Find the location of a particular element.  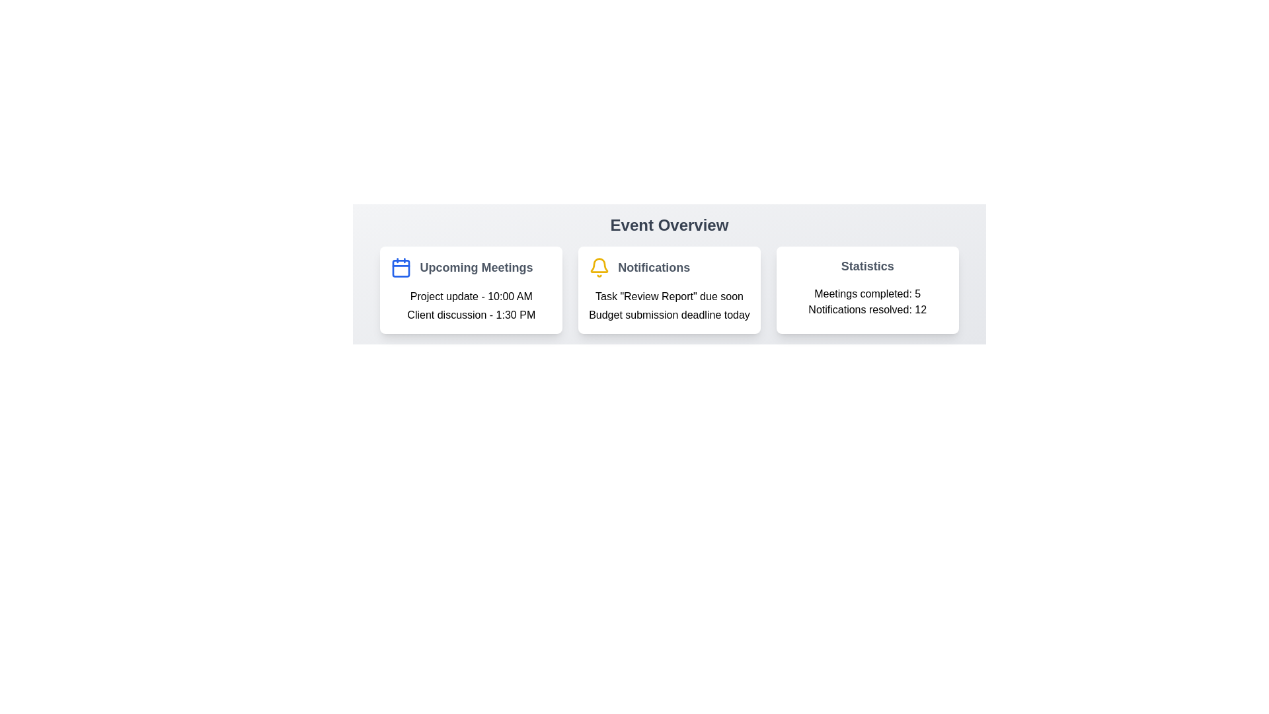

the prominent yellow bell icon that represents notifications, located at the center of the UI layout is located at coordinates (599, 268).